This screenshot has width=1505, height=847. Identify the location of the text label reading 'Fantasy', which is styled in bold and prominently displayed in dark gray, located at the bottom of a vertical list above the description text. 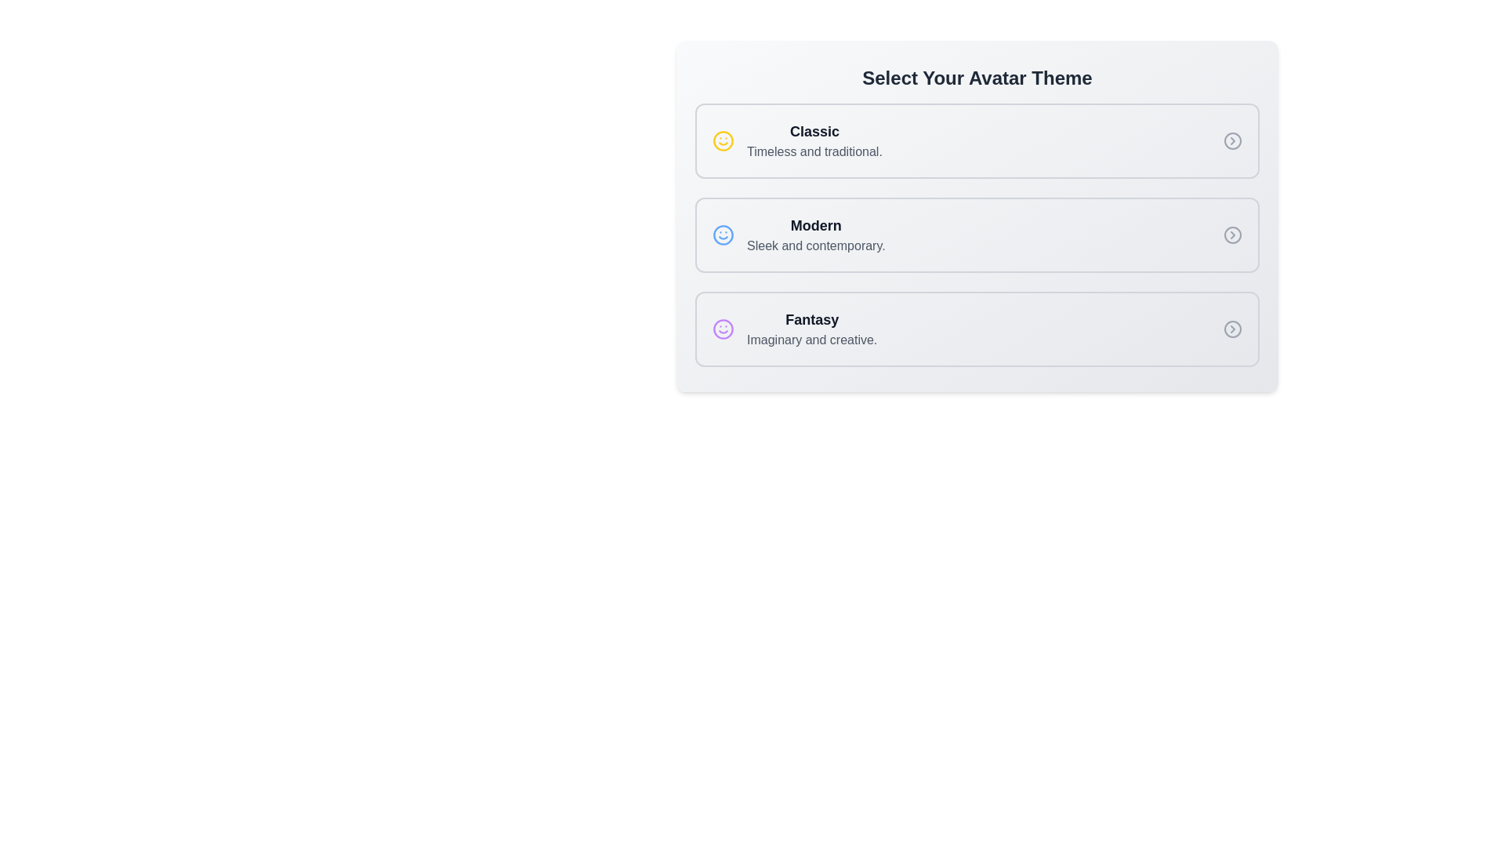
(812, 319).